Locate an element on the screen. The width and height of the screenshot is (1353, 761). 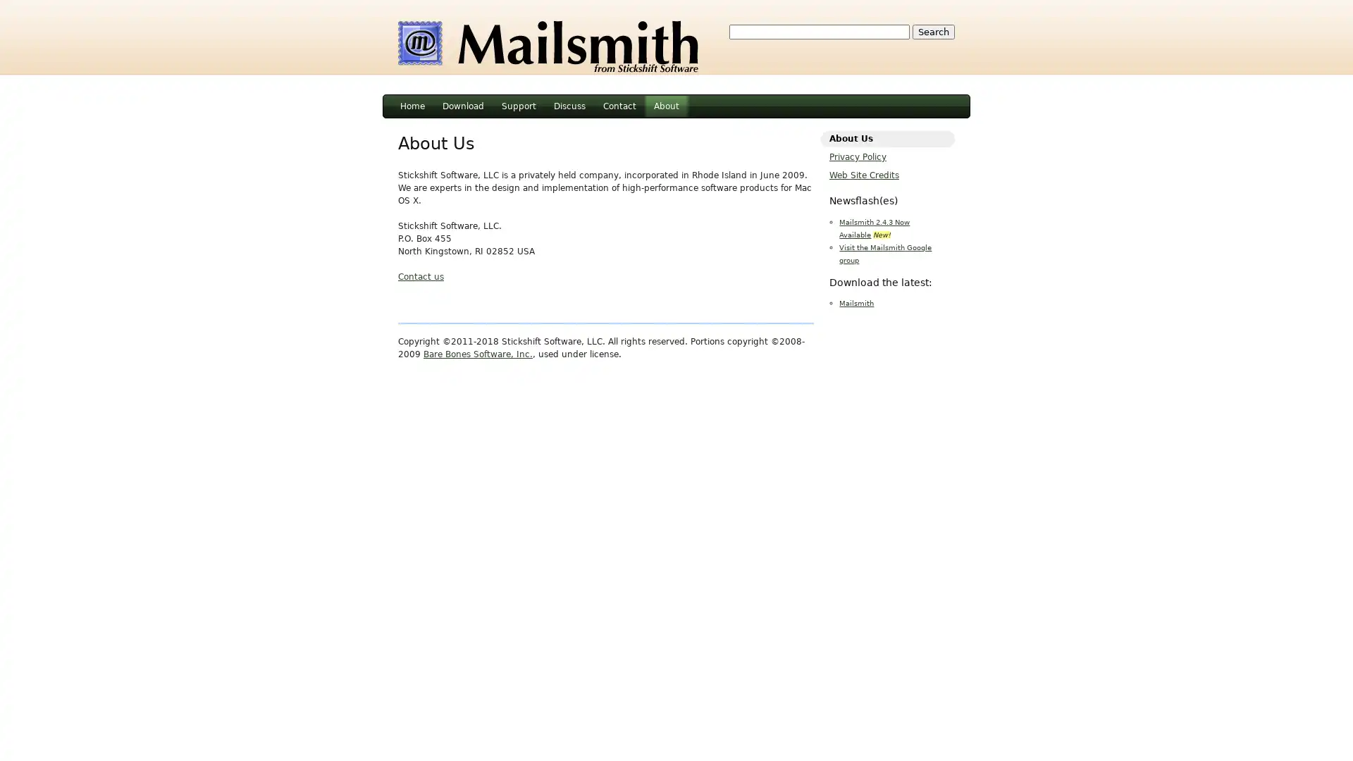
Search is located at coordinates (933, 32).